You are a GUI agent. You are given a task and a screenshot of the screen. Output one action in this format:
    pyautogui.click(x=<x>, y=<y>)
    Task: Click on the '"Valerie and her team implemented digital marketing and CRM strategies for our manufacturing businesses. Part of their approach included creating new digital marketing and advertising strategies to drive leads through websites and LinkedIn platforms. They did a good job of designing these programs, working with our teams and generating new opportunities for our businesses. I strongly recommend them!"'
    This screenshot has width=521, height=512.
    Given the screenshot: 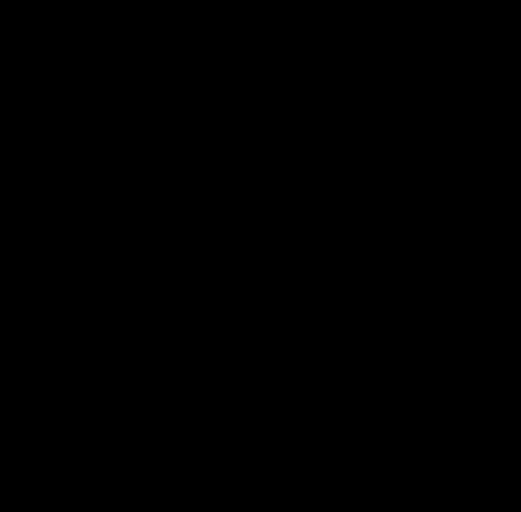 What is the action you would take?
    pyautogui.click(x=278, y=384)
    